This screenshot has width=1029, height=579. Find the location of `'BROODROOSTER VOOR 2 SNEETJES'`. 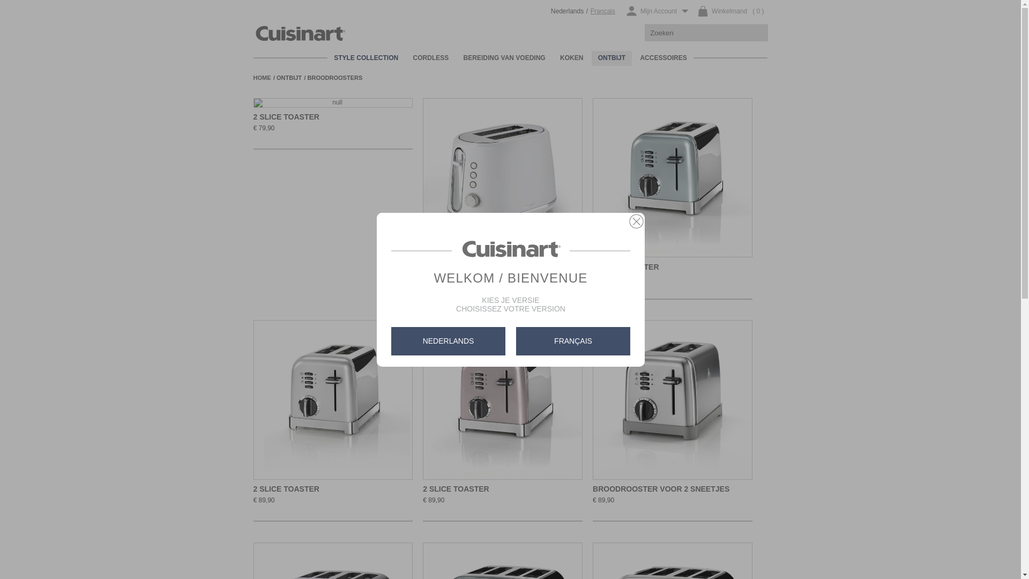

'BROODROOSTER VOOR 2 SNEETJES' is located at coordinates (660, 488).